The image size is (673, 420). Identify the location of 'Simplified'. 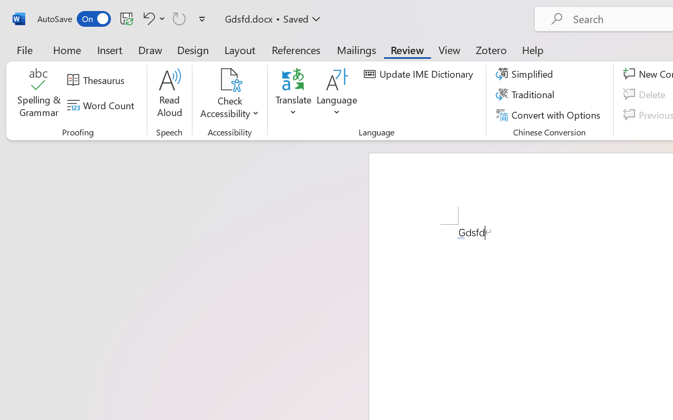
(526, 74).